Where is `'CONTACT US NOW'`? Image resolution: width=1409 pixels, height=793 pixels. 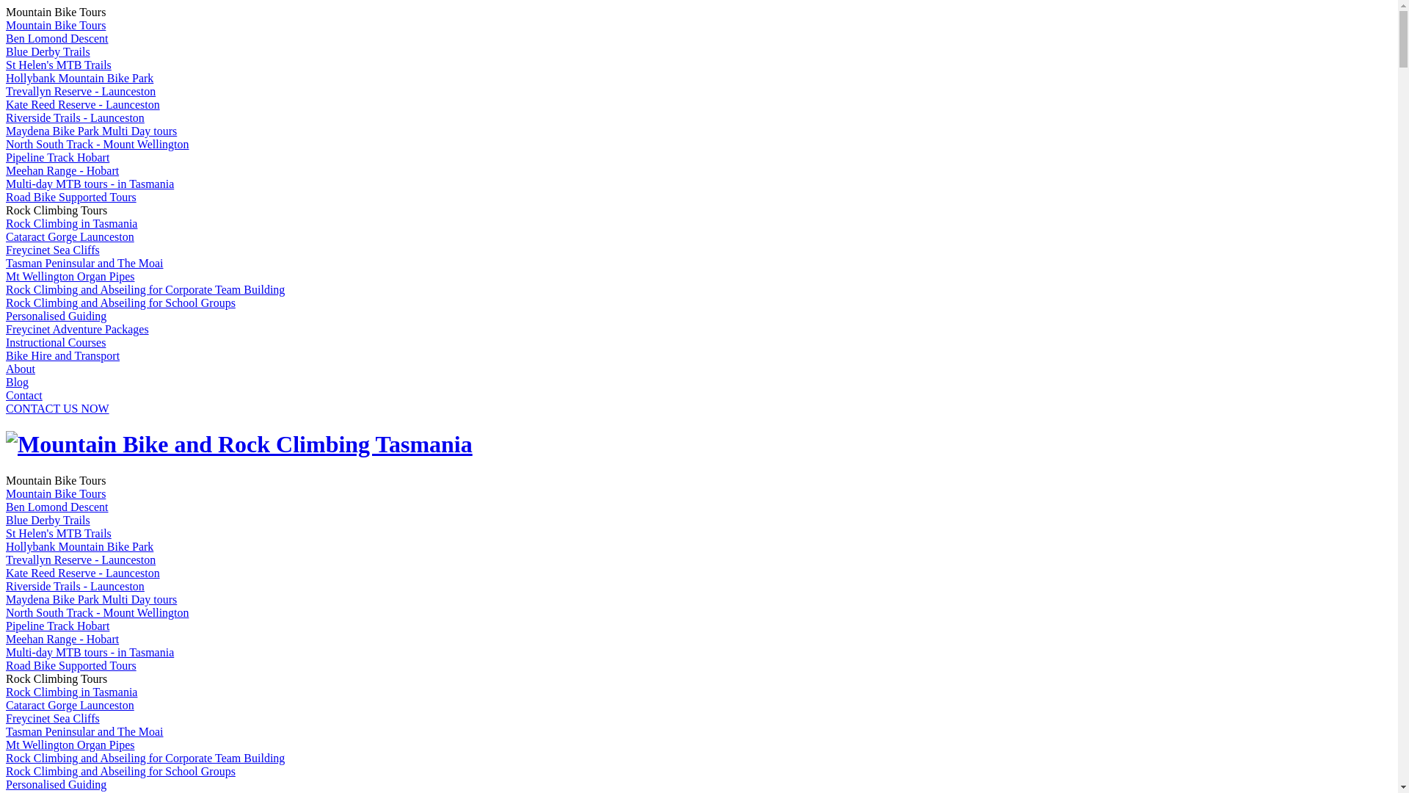 'CONTACT US NOW' is located at coordinates (57, 408).